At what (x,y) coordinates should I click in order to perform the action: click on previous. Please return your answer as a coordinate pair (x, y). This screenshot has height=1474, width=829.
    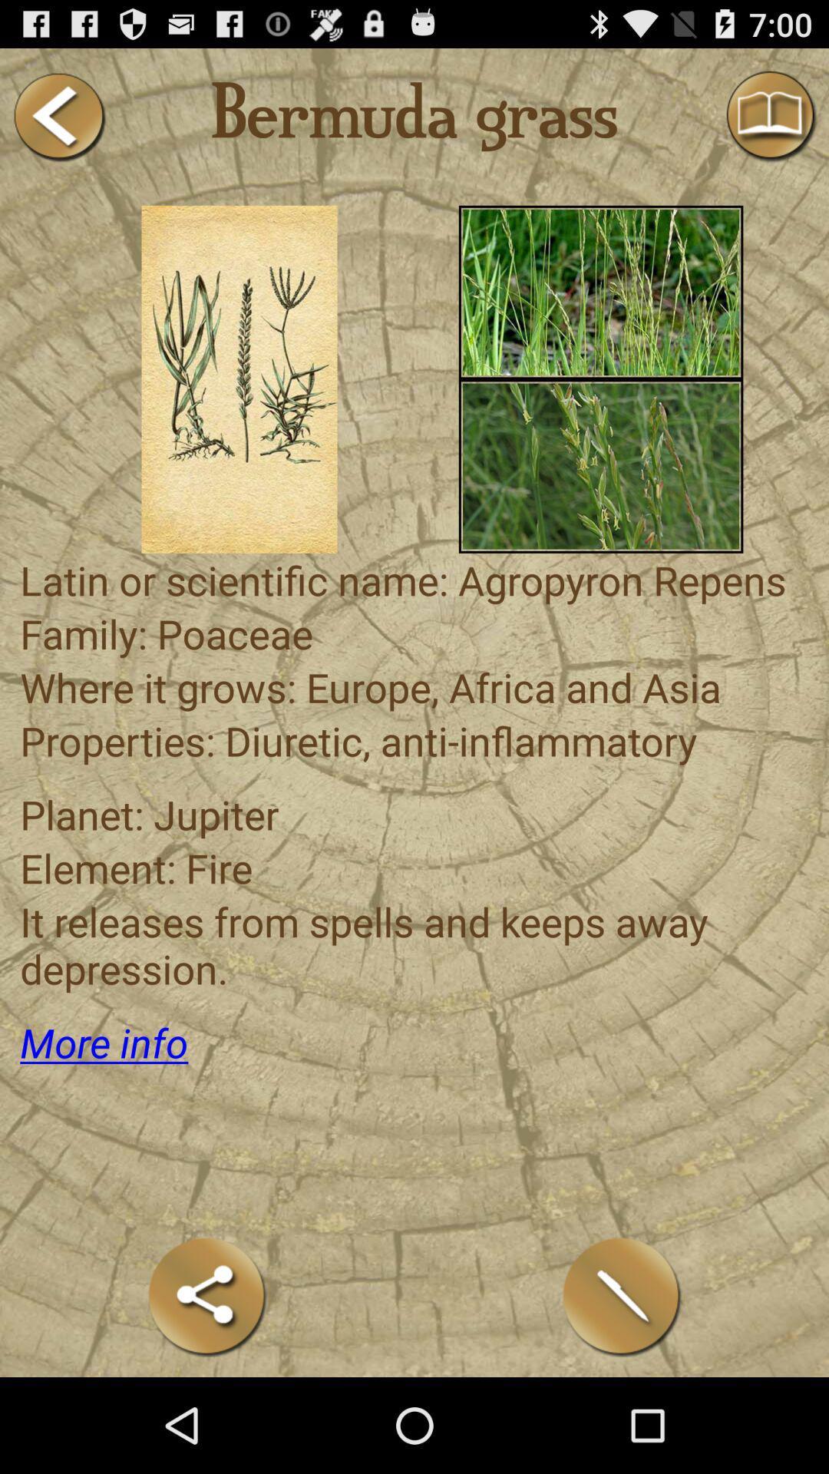
    Looking at the image, I should click on (58, 116).